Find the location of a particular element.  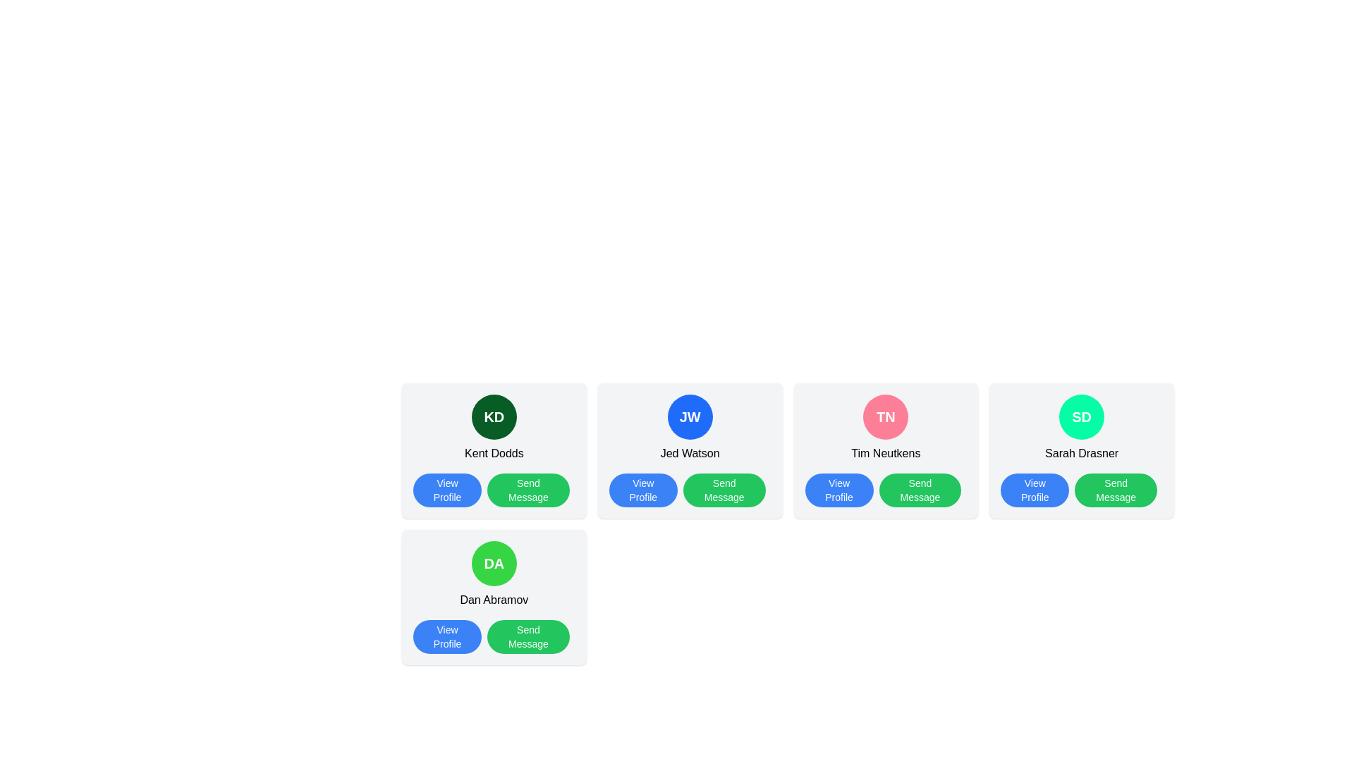

the circular avatar icon representing 'Jed Watson' within the card layout is located at coordinates (690, 416).